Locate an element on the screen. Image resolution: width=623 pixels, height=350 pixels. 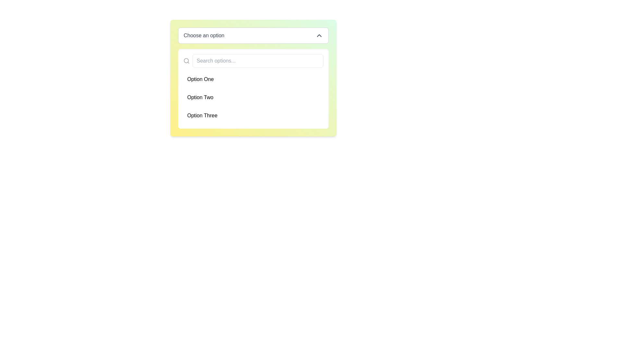
the first option in the vertical list of options within the drop-down menu is located at coordinates (200, 79).